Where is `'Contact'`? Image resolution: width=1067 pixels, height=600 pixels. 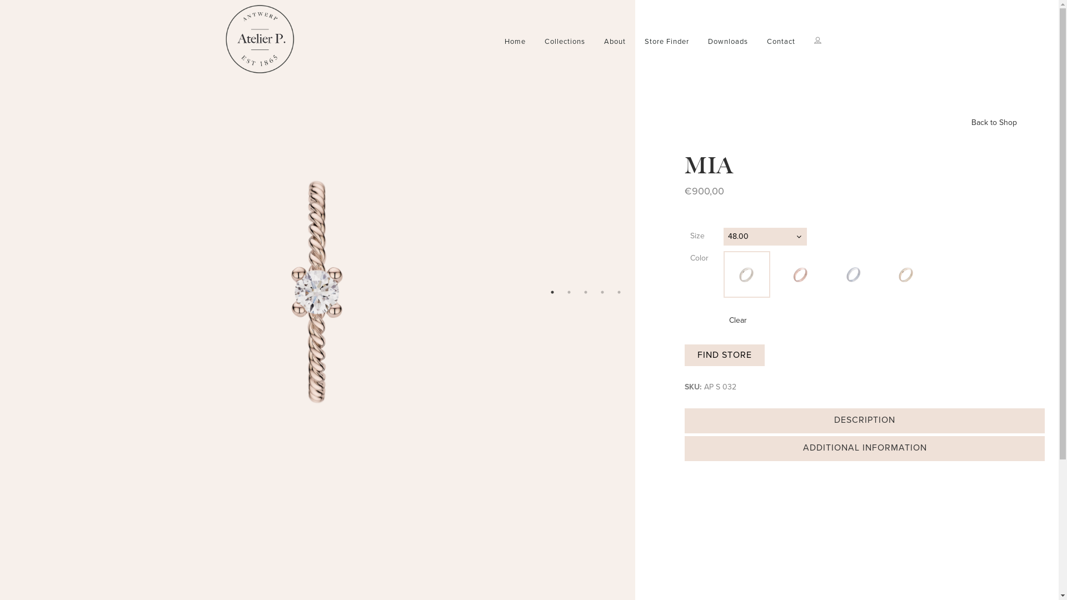 'Contact' is located at coordinates (780, 41).